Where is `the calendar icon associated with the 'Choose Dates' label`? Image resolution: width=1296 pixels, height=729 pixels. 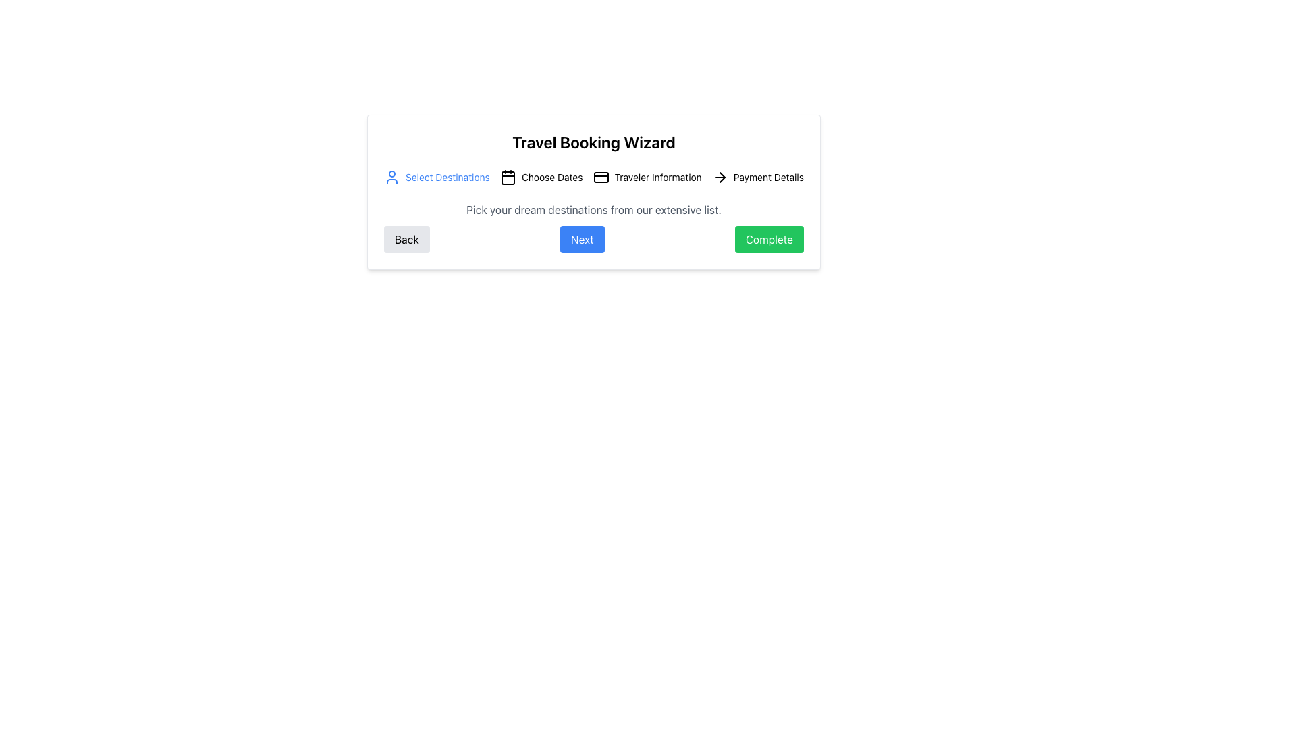 the calendar icon associated with the 'Choose Dates' label is located at coordinates (552, 176).